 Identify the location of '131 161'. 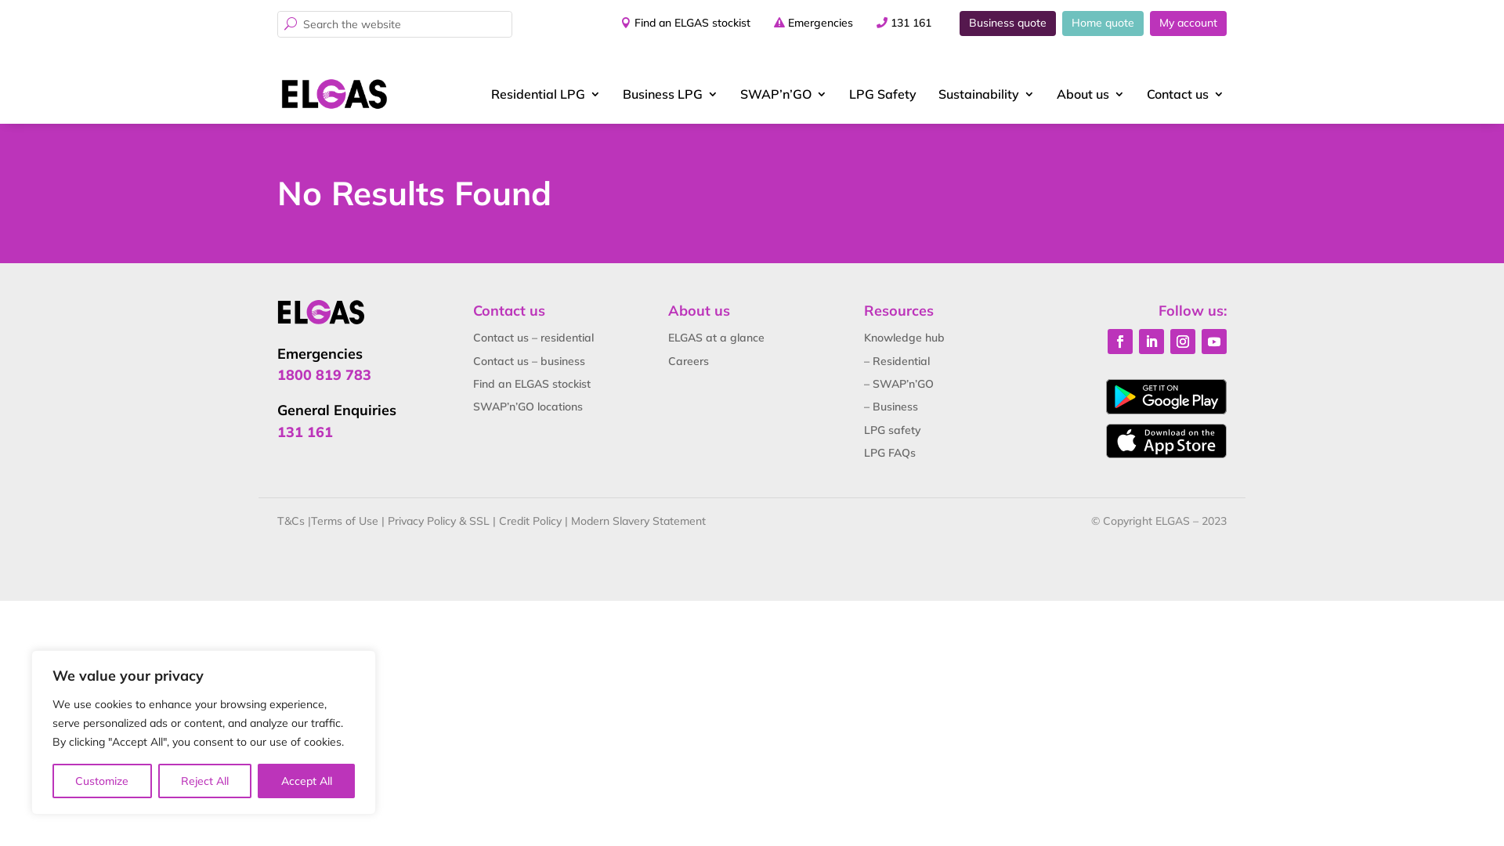
(910, 23).